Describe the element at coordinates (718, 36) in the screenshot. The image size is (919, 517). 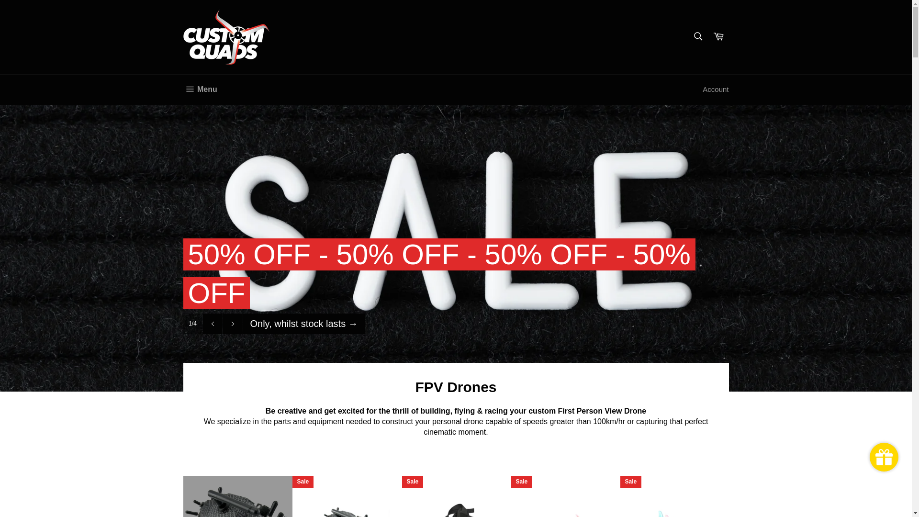
I see `'Cart'` at that location.